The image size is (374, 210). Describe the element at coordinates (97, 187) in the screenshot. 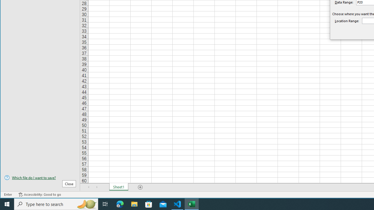

I see `'Scroll Right'` at that location.